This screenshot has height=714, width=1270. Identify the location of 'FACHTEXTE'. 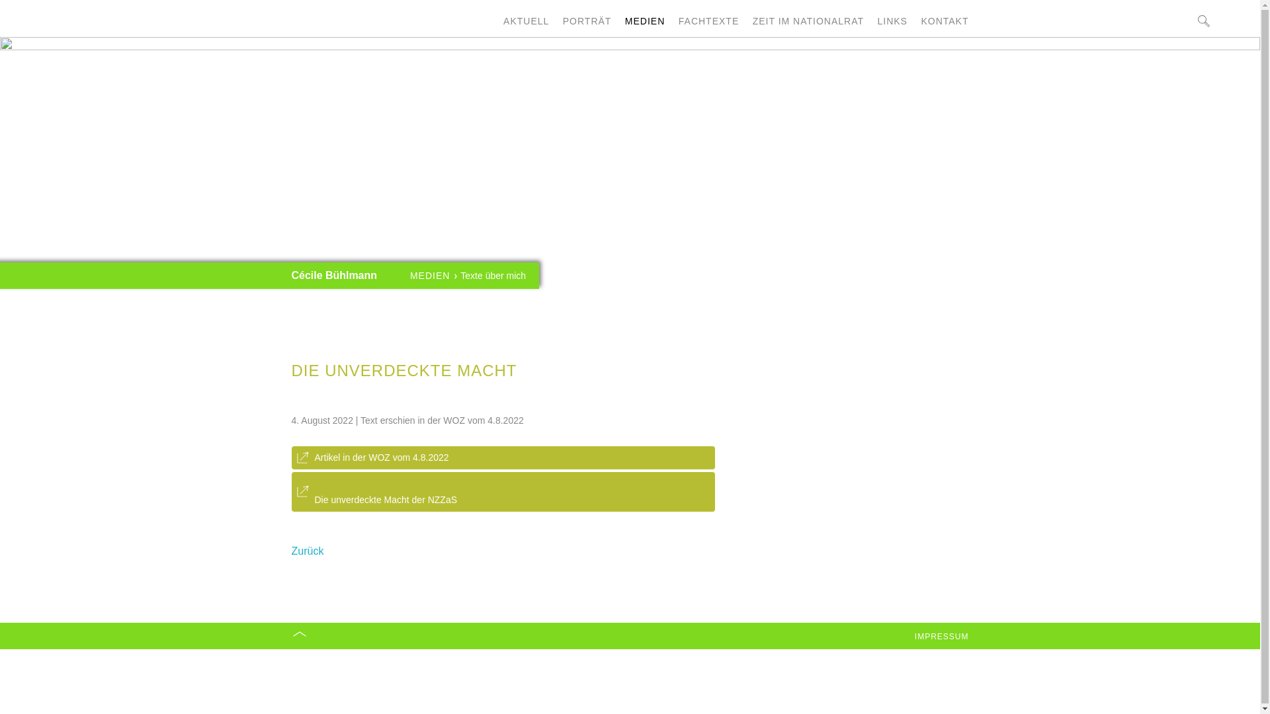
(708, 20).